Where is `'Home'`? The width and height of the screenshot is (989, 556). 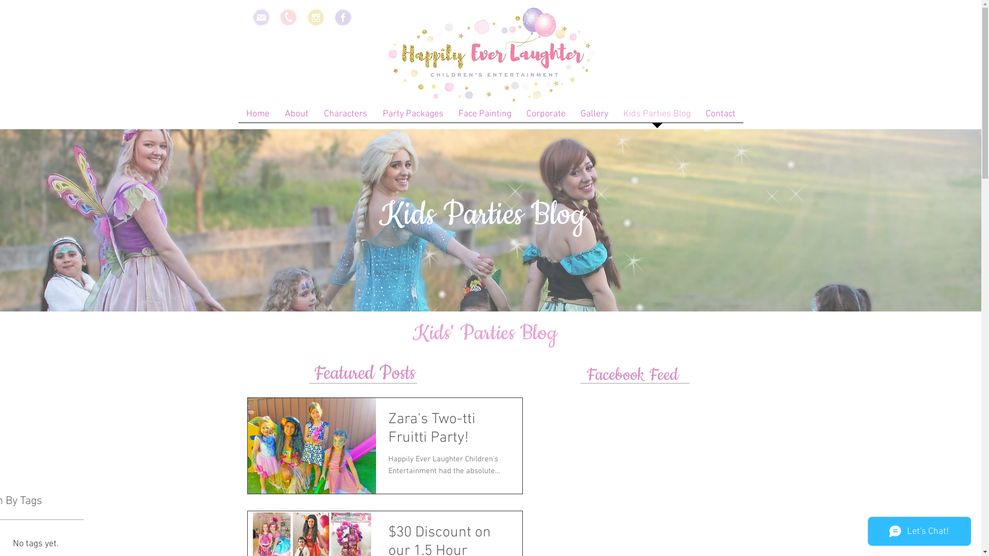
'Home' is located at coordinates (257, 116).